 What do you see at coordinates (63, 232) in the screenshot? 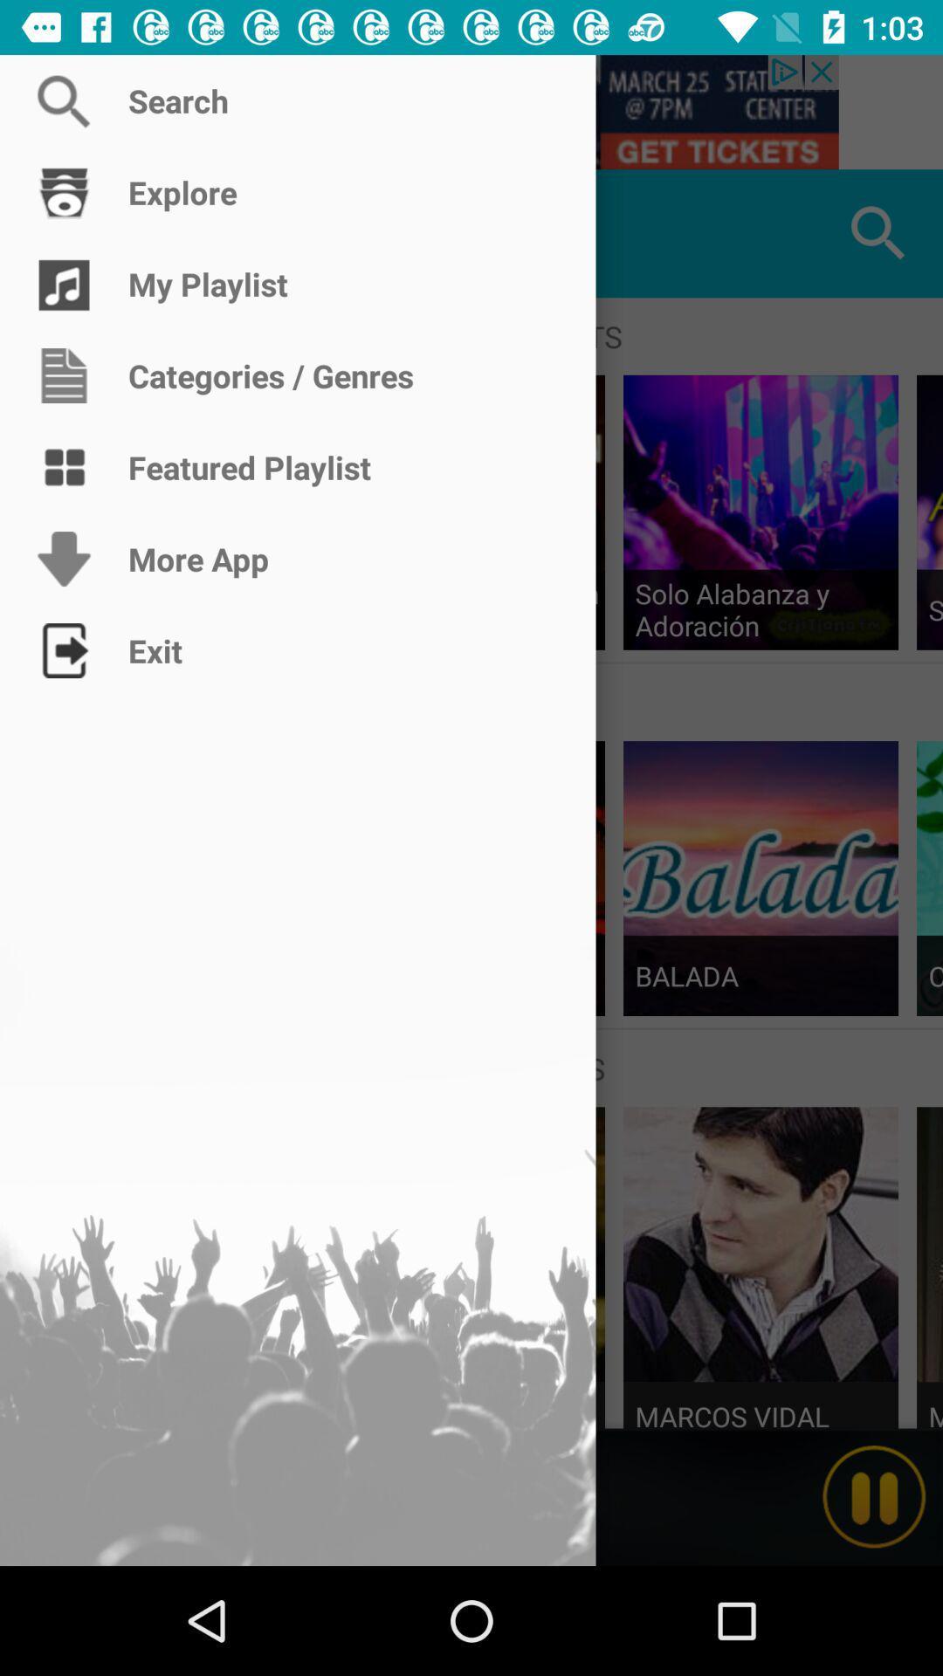
I see `the icon above the featured playlists icon` at bounding box center [63, 232].